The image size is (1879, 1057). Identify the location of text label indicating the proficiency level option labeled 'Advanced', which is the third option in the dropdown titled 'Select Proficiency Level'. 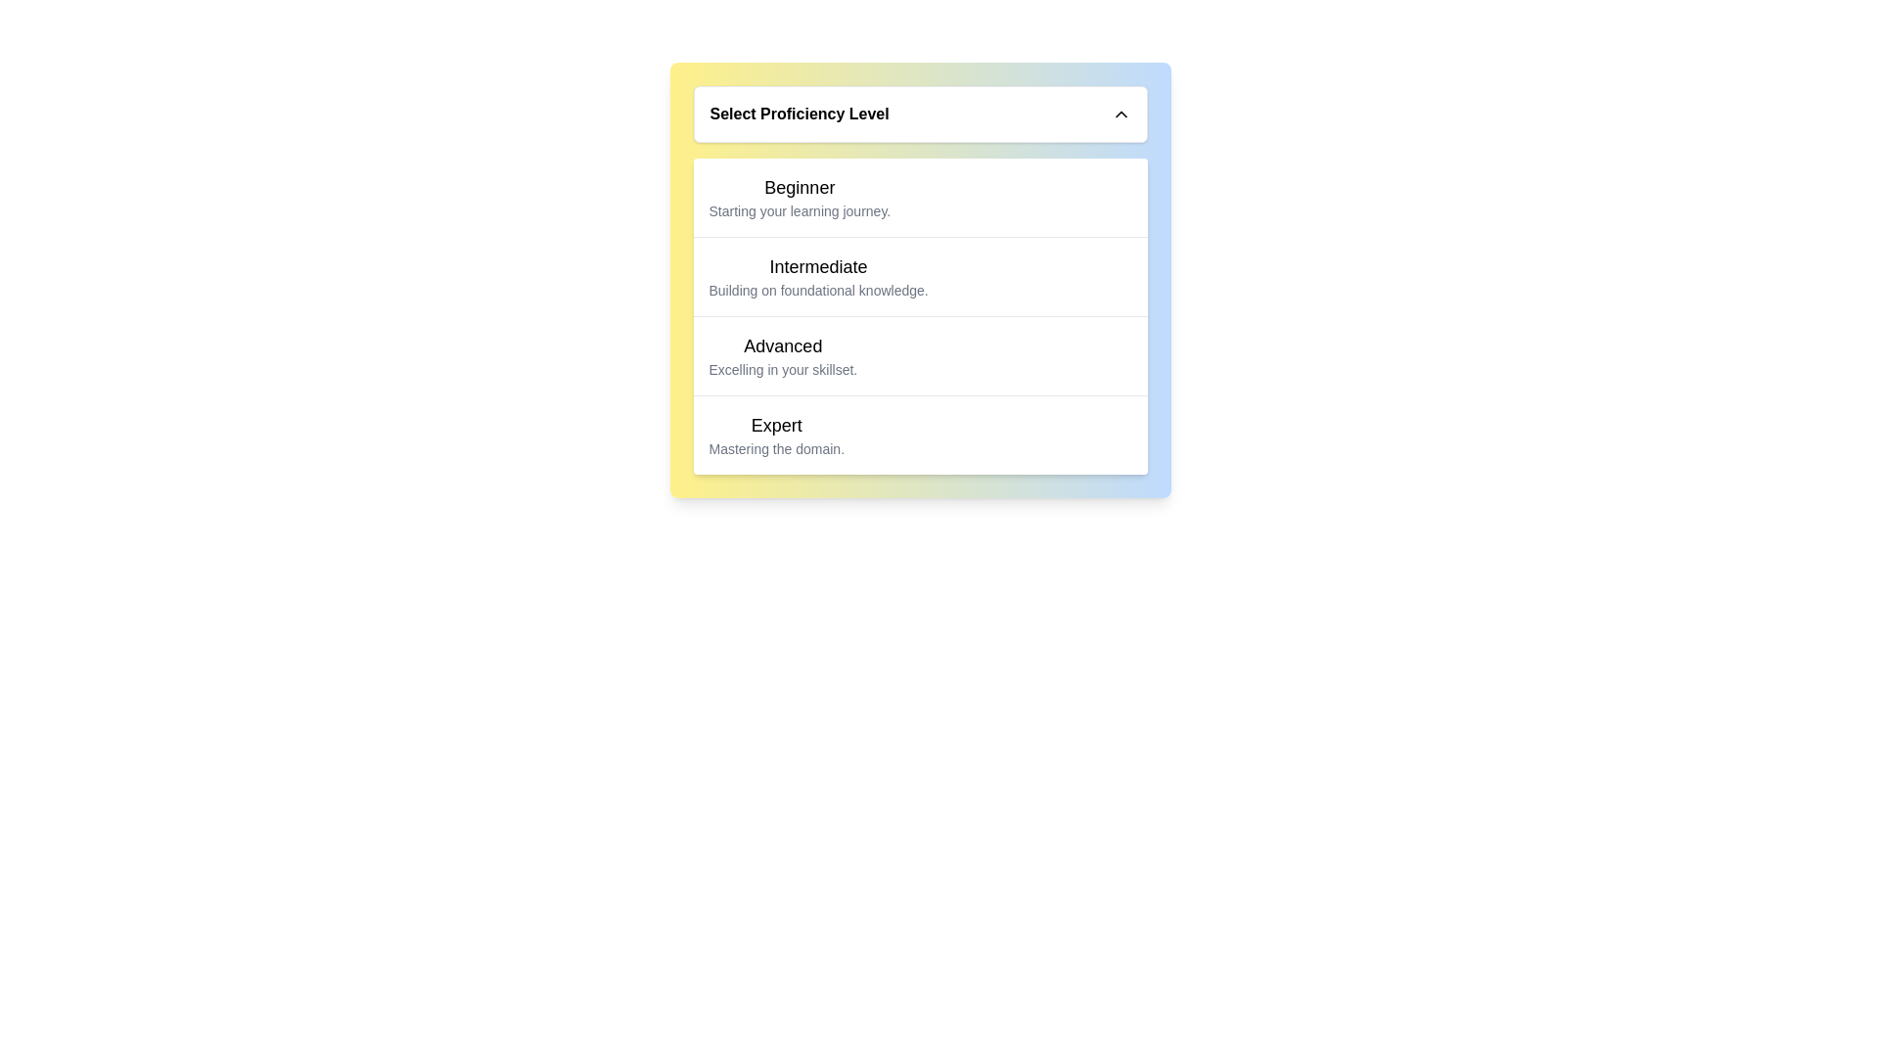
(783, 345).